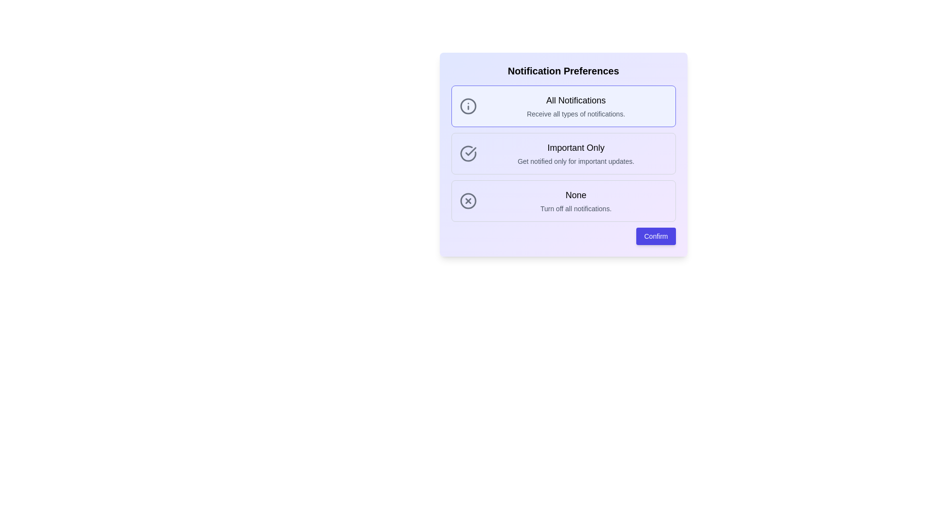 The height and width of the screenshot is (522, 929). Describe the element at coordinates (576, 161) in the screenshot. I see `the static text label displaying 'Get notified only for important updates.' which is located underneath the title 'Important Only' in the notification preferences menu` at that location.